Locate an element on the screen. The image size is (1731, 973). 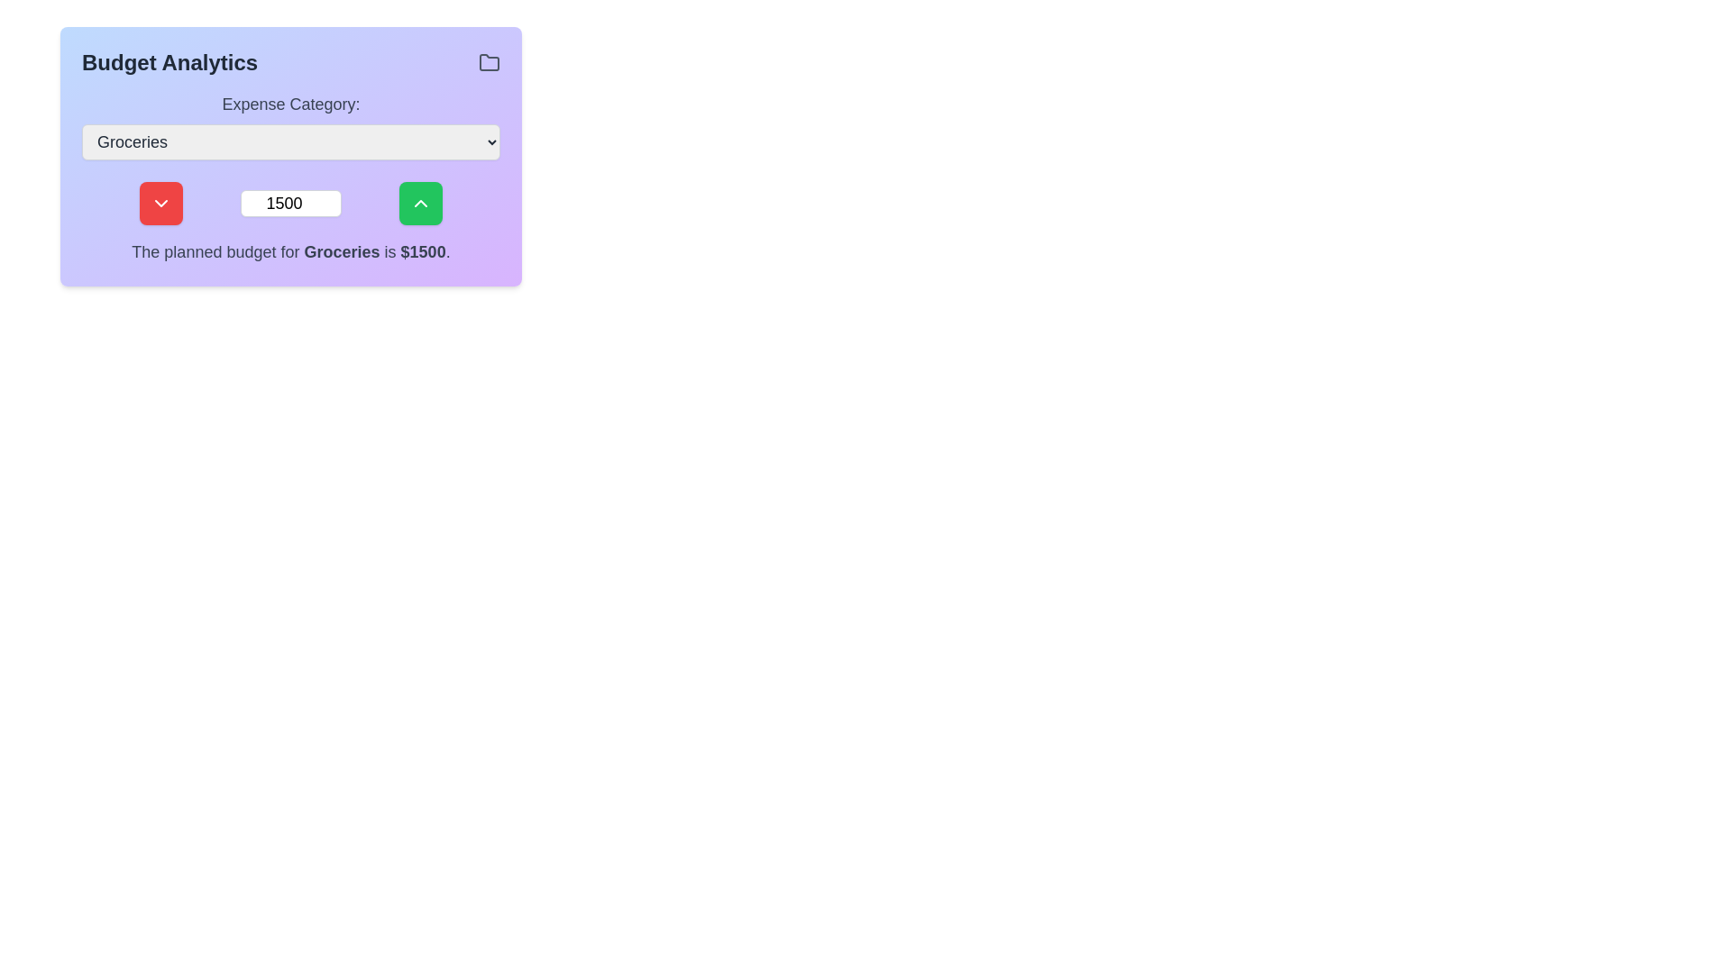
the Text Label that indicates the purpose of the dropdown field for selecting an expense category, located below the 'Budget Analytics' header is located at coordinates (290, 104).